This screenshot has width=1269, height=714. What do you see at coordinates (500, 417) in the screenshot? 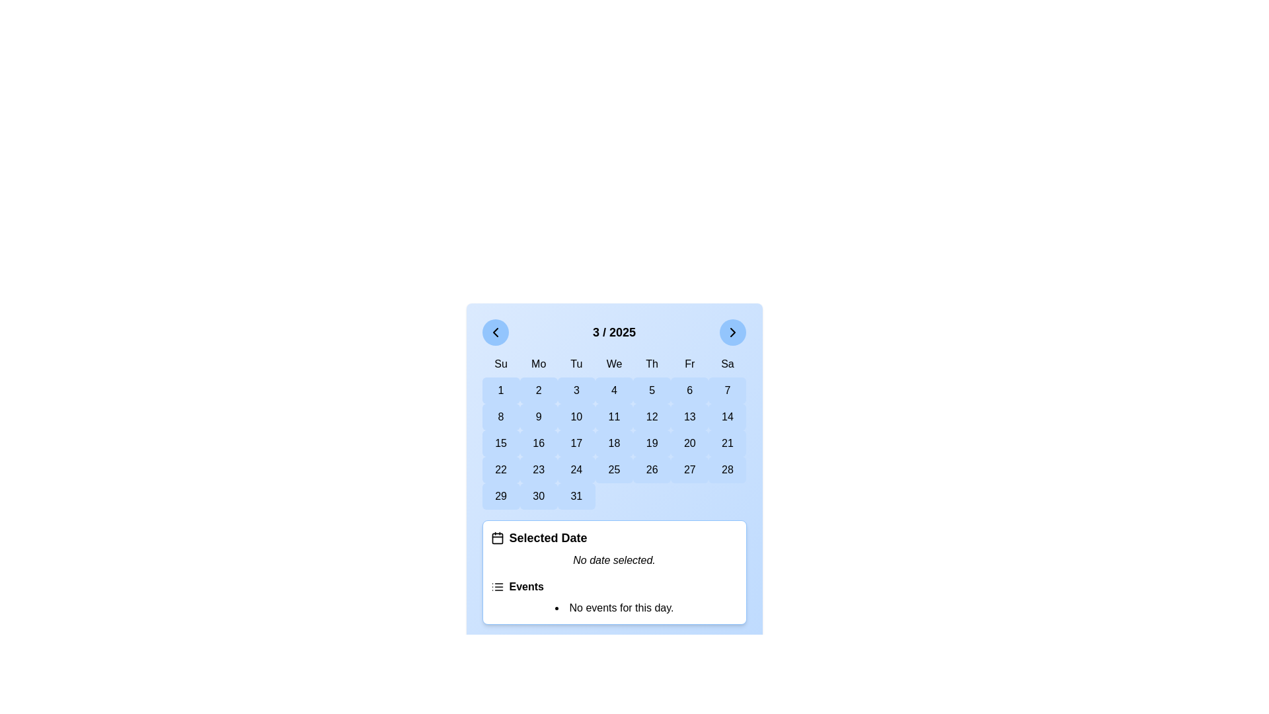
I see `the rounded rectangular button with a light blue background that contains the numeral '8' in bold black text, located in the second row of the March 2025 calendar grid under the 'Su' column` at bounding box center [500, 417].